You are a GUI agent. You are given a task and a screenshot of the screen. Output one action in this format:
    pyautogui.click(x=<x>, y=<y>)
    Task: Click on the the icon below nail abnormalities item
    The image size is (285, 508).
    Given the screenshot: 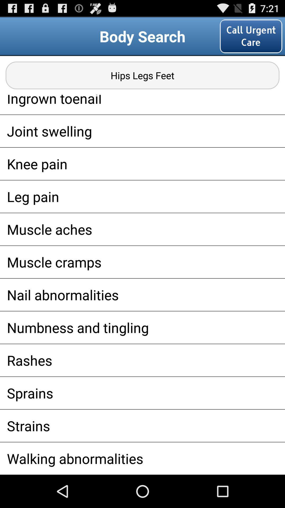 What is the action you would take?
    pyautogui.click(x=142, y=327)
    